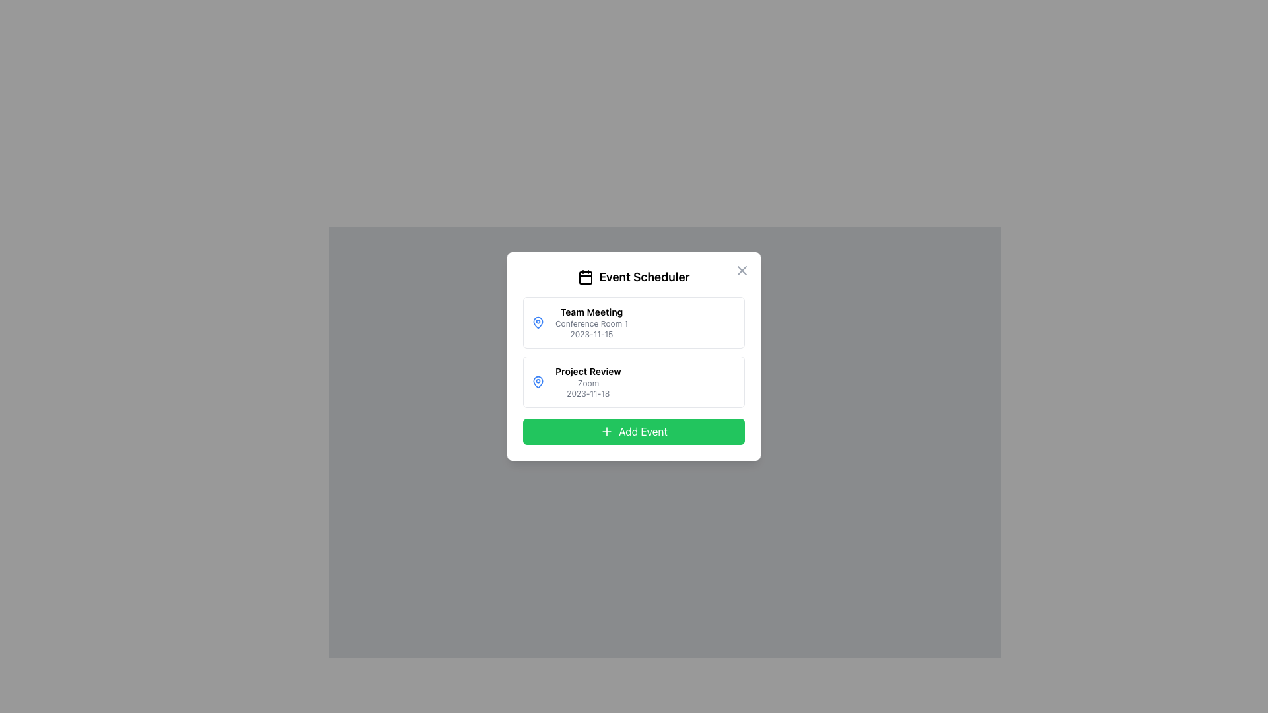  What do you see at coordinates (591, 323) in the screenshot?
I see `the Text Label for the scheduled event titled 'Team Meeting' located in the 'Event Scheduler' interface` at bounding box center [591, 323].